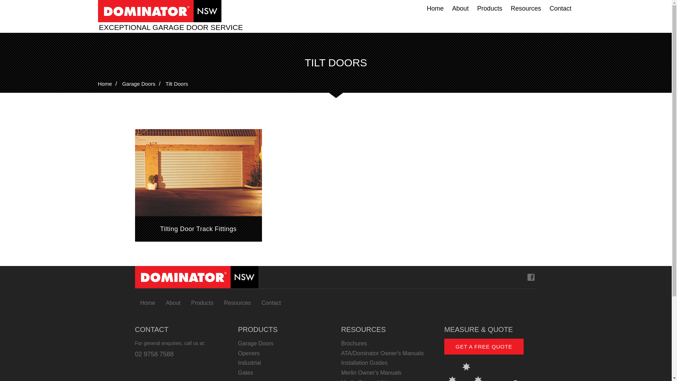 This screenshot has height=381, width=677. Describe the element at coordinates (387, 372) in the screenshot. I see `'Merlin Owner's Manuals'` at that location.